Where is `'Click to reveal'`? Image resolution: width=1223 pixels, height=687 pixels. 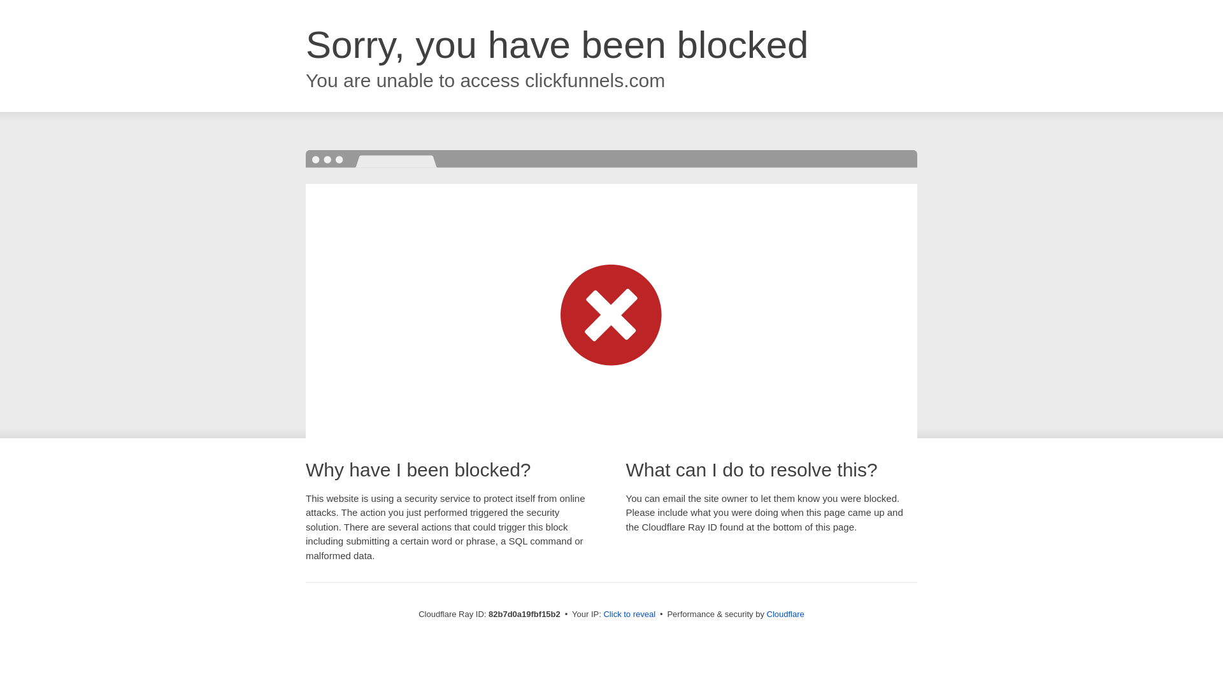
'Click to reveal' is located at coordinates (602, 613).